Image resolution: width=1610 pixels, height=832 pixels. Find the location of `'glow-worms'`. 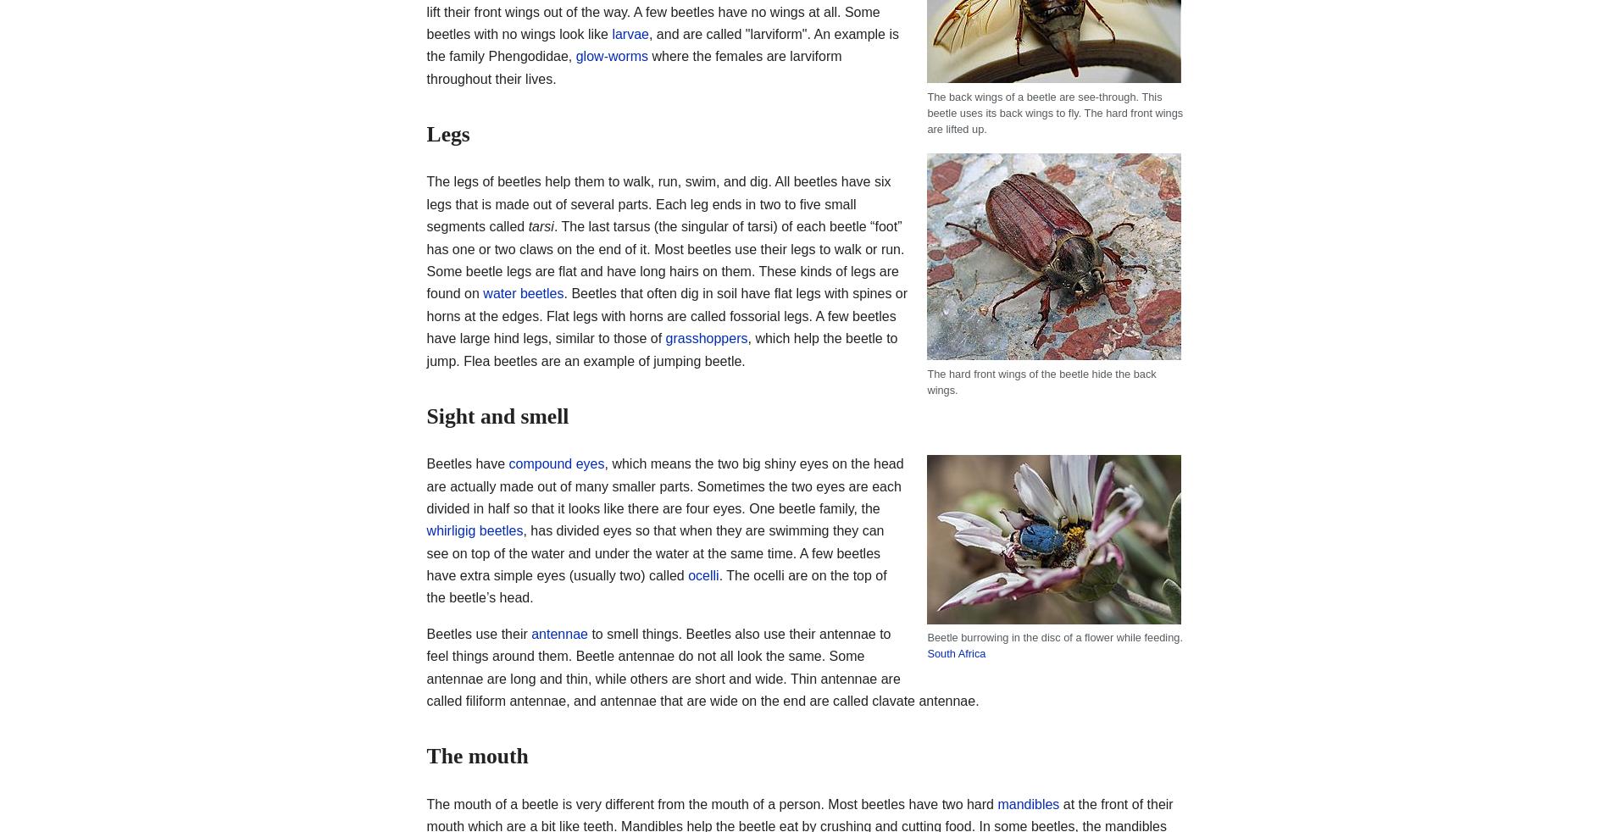

'glow-worms' is located at coordinates (611, 55).